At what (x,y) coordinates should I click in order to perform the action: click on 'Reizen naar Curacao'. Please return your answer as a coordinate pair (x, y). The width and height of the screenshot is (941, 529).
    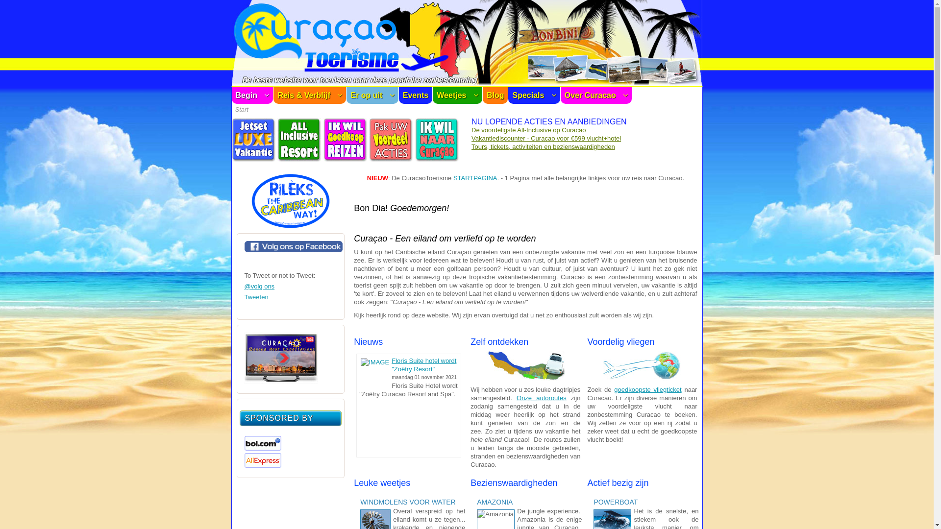
    Looking at the image, I should click on (437, 159).